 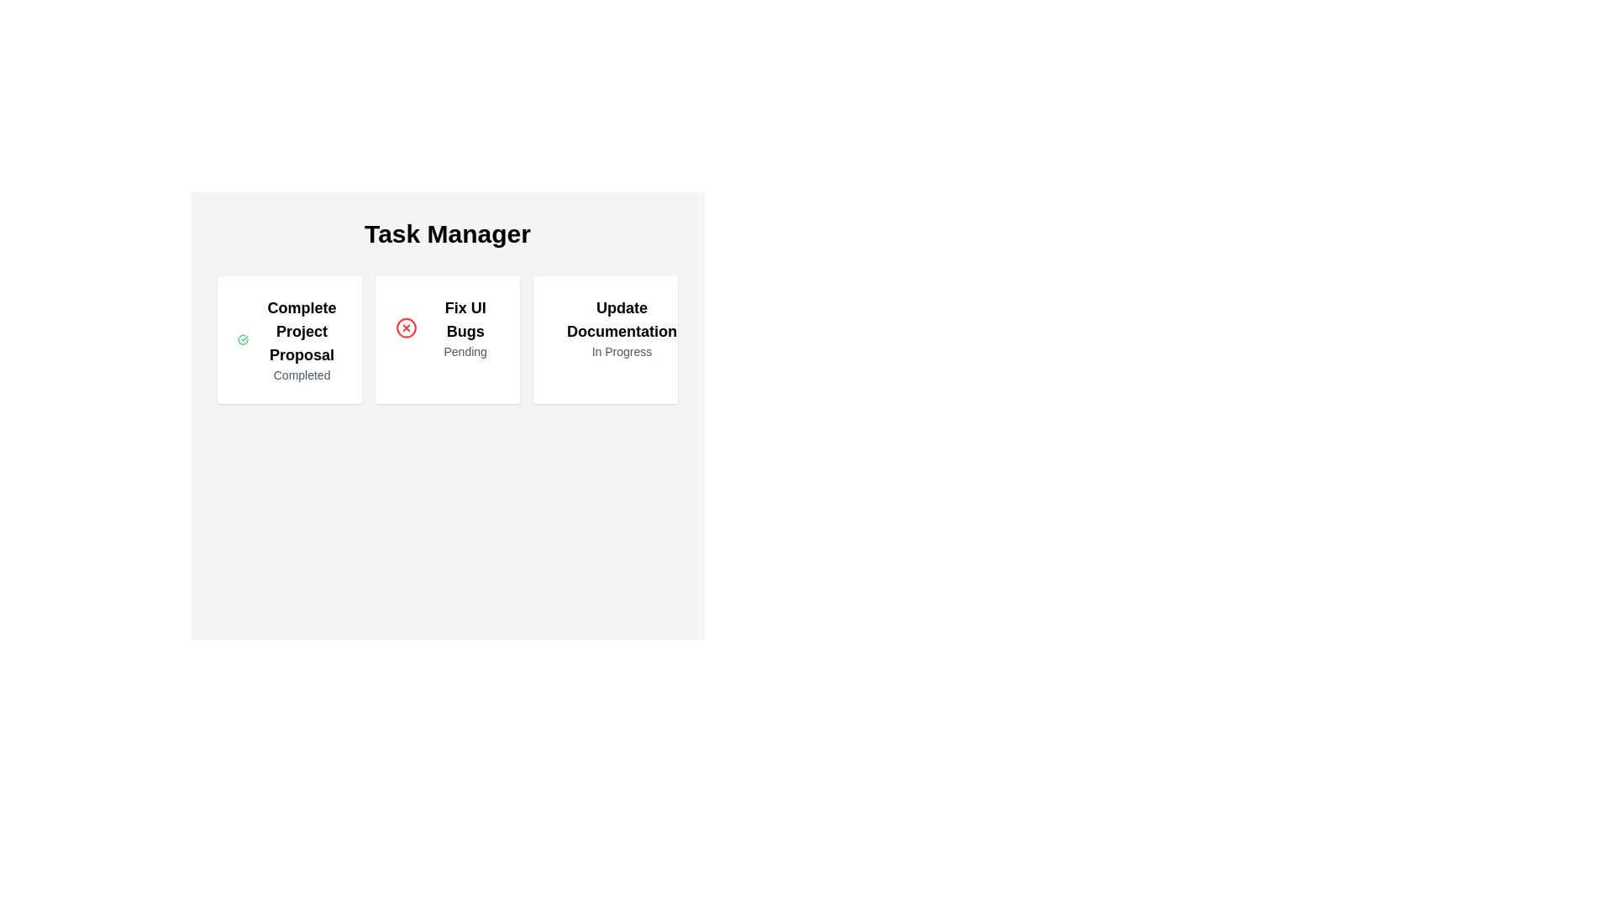 I want to click on the Task status display that shows 'Complete Project Proposal' in bold with a green checkmark icon, located in the top-left section of the leftmost card under 'Task Manager', so click(x=290, y=340).